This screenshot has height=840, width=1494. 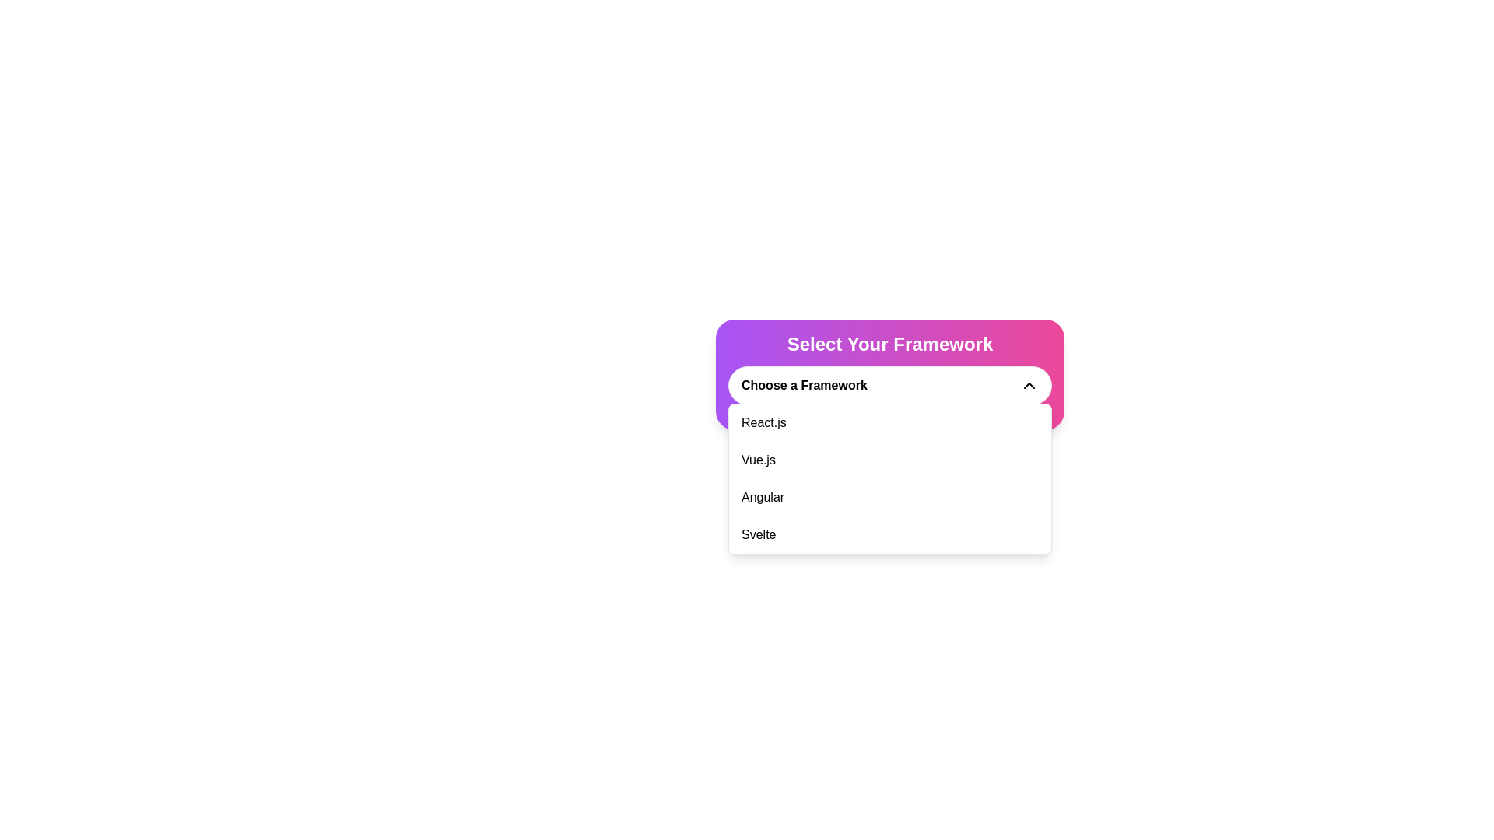 I want to click on a framework from the dropdown menu labeled 'Choose a Framework' within the card component that has a gradient background transitioning from purple to pink and bold white text stating 'Select Your Framework.', so click(x=889, y=375).